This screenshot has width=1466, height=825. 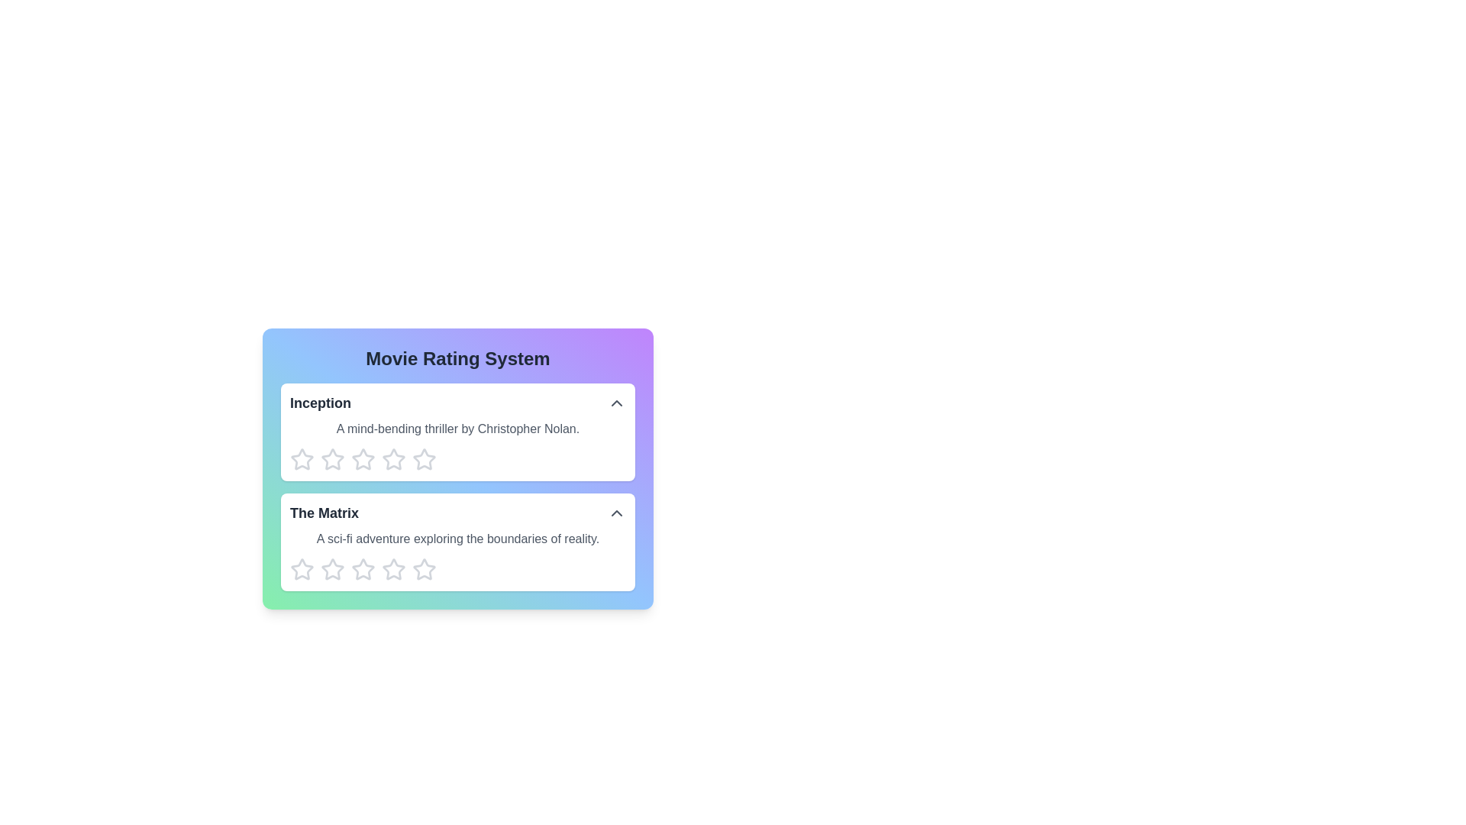 What do you see at coordinates (393, 569) in the screenshot?
I see `the inactive gray star icon in the second position of the star rating system under 'The Matrix'` at bounding box center [393, 569].